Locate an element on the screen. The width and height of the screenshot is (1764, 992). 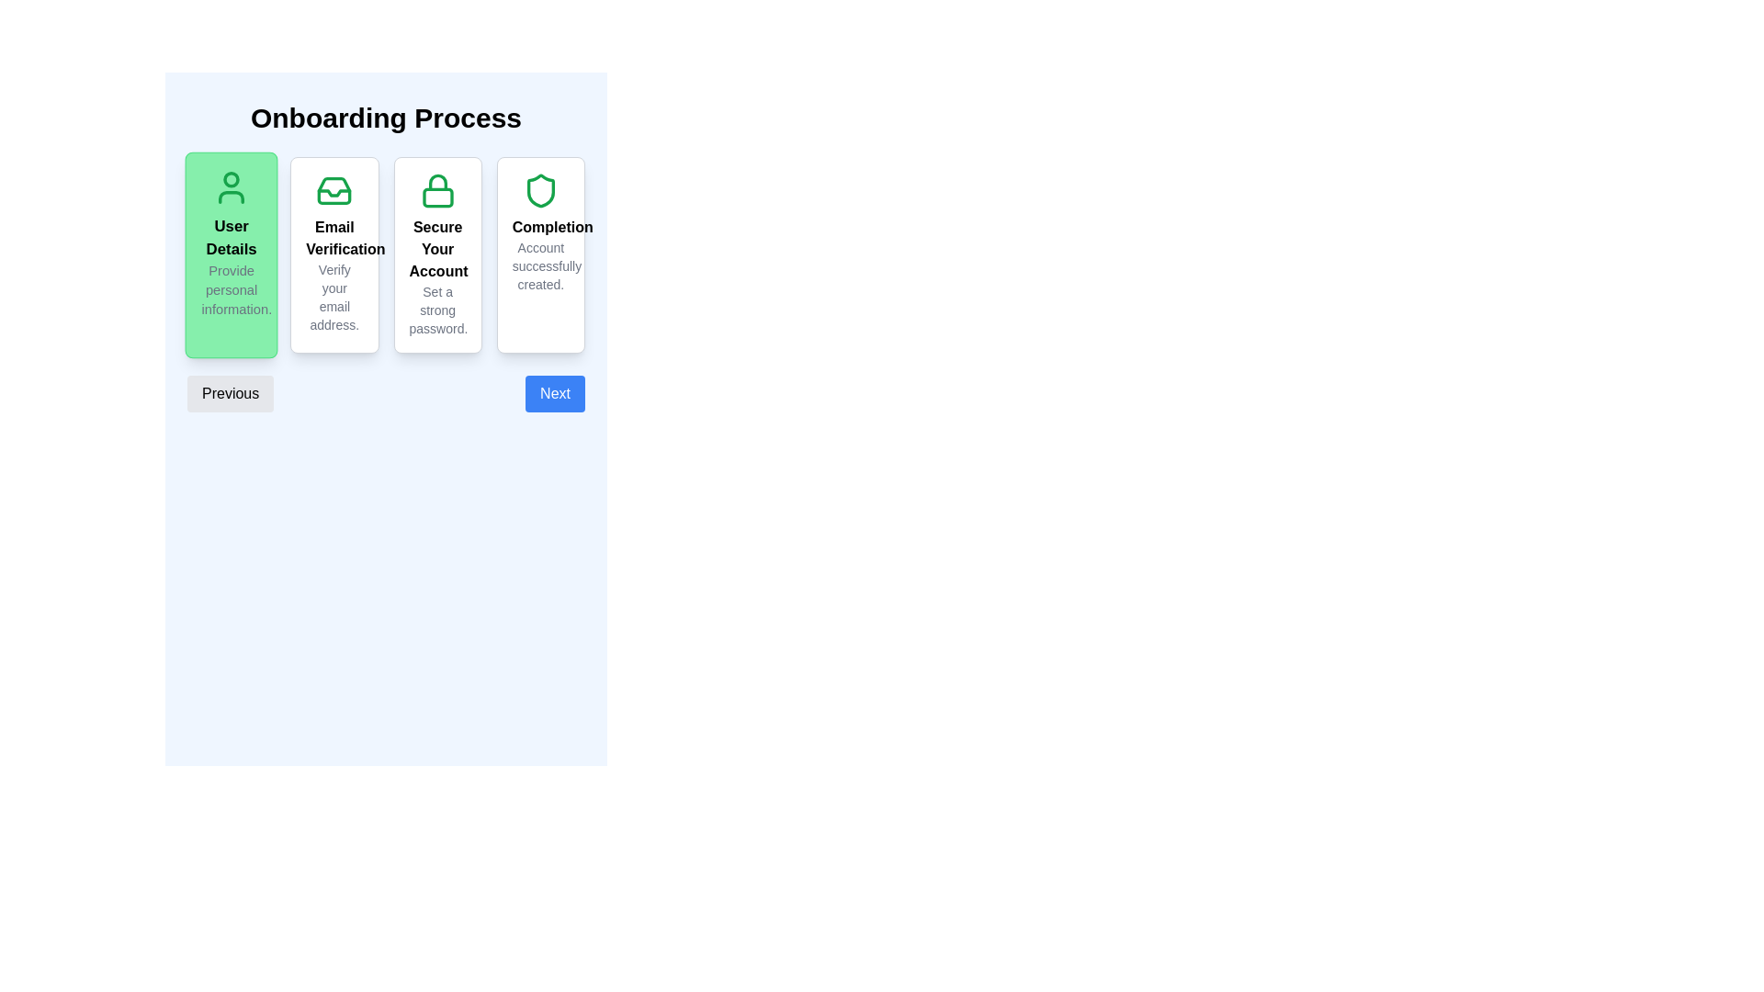
the green user silhouette icon within the 'User Details' card in the onboarding process interface is located at coordinates (231, 187).